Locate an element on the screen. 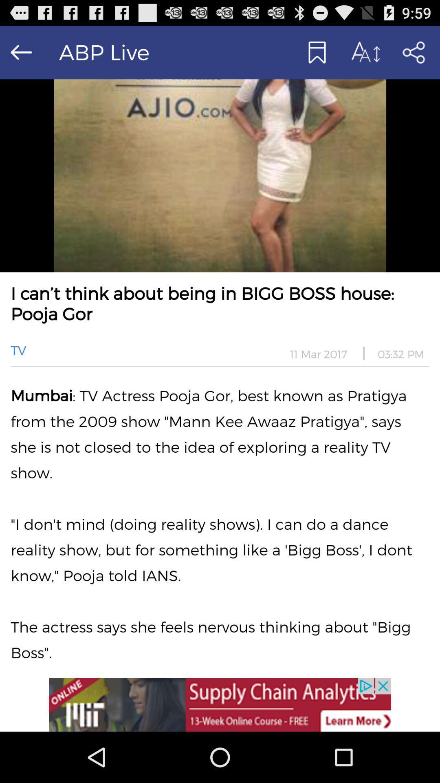 The height and width of the screenshot is (783, 440). the bookmark icon is located at coordinates (316, 55).